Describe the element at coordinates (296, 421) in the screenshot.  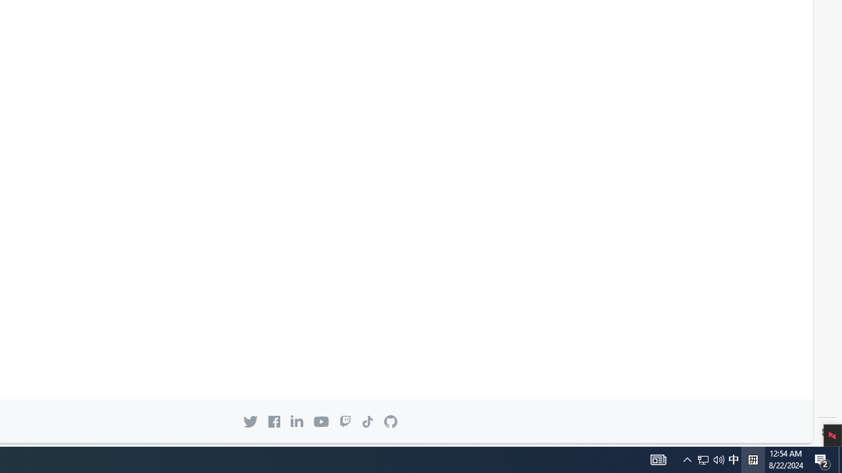
I see `'GitHub on LinkedIn'` at that location.